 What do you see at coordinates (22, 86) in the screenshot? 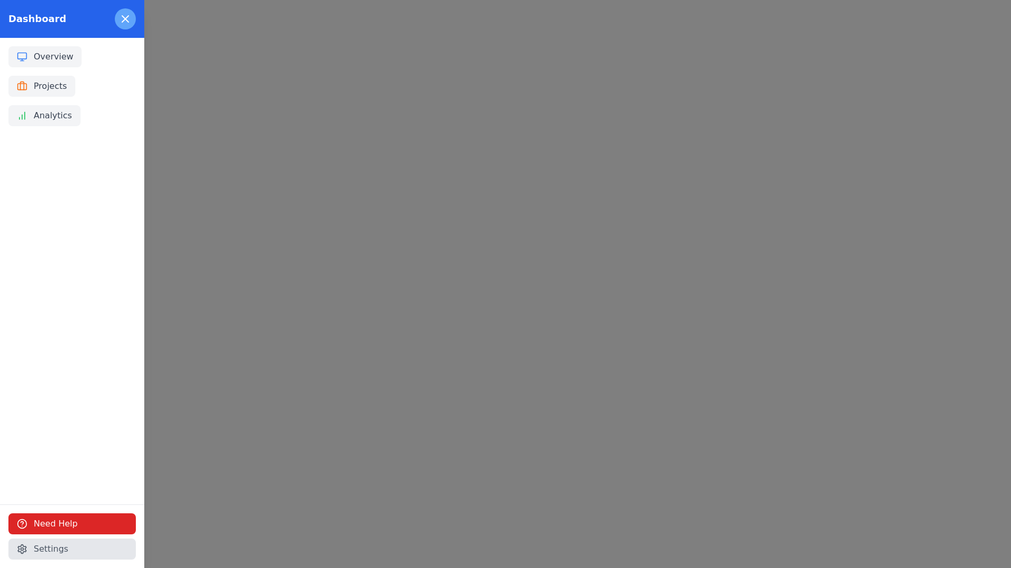
I see `the rectangular region with rounded corners located centrally within the orange briefcase icon beside the 'Projects' label in the sidebar` at bounding box center [22, 86].